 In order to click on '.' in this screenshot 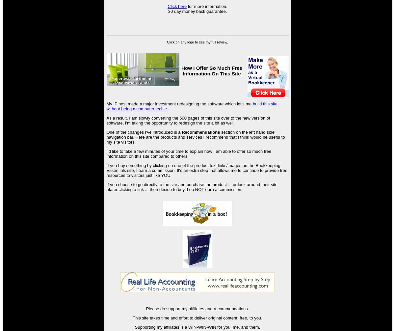, I will do `click(167, 108)`.